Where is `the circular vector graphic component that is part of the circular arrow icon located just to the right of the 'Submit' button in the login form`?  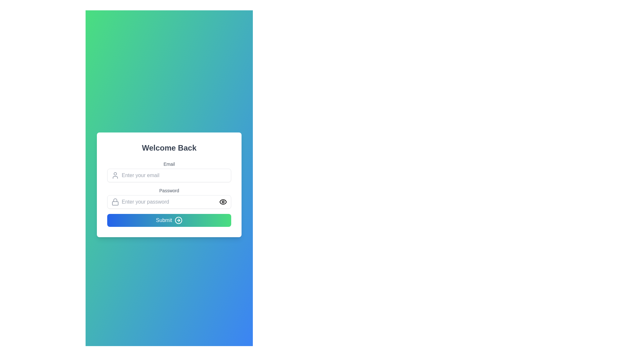
the circular vector graphic component that is part of the circular arrow icon located just to the right of the 'Submit' button in the login form is located at coordinates (178, 220).